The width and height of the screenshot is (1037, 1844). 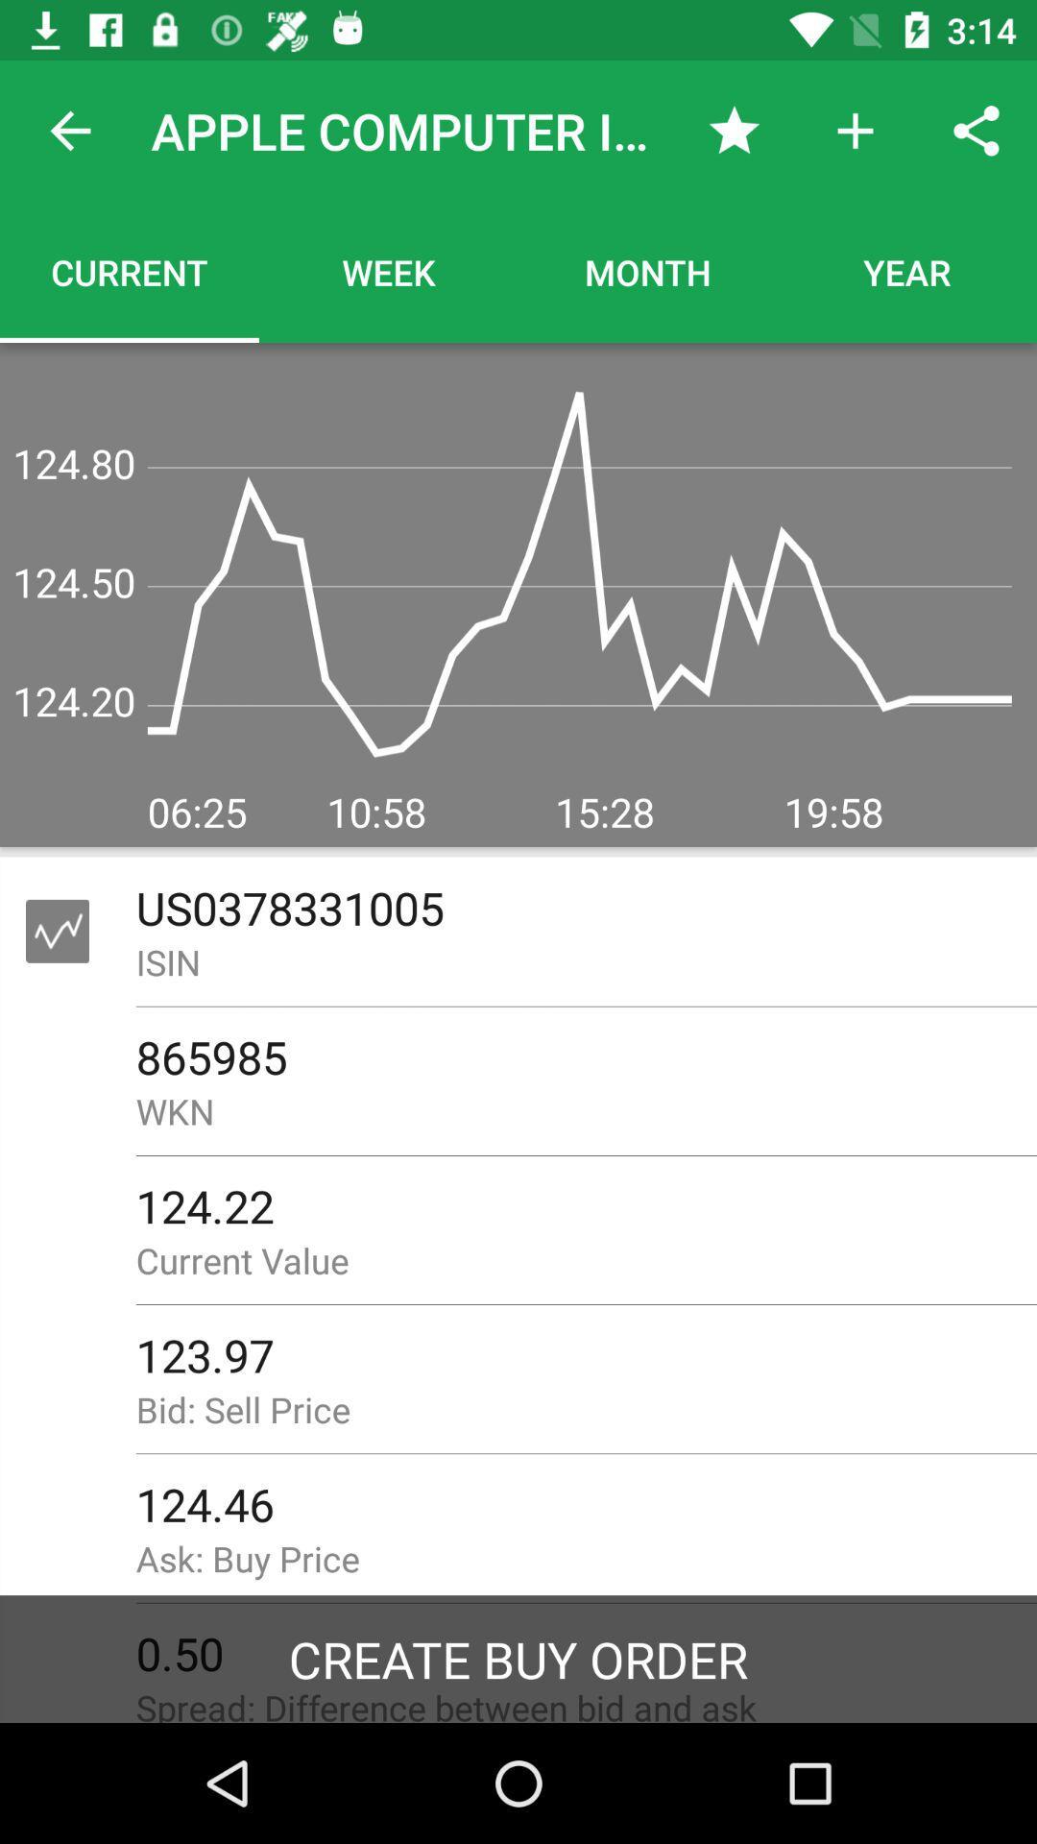 What do you see at coordinates (977, 131) in the screenshot?
I see `the share icon which is on the top right corner` at bounding box center [977, 131].